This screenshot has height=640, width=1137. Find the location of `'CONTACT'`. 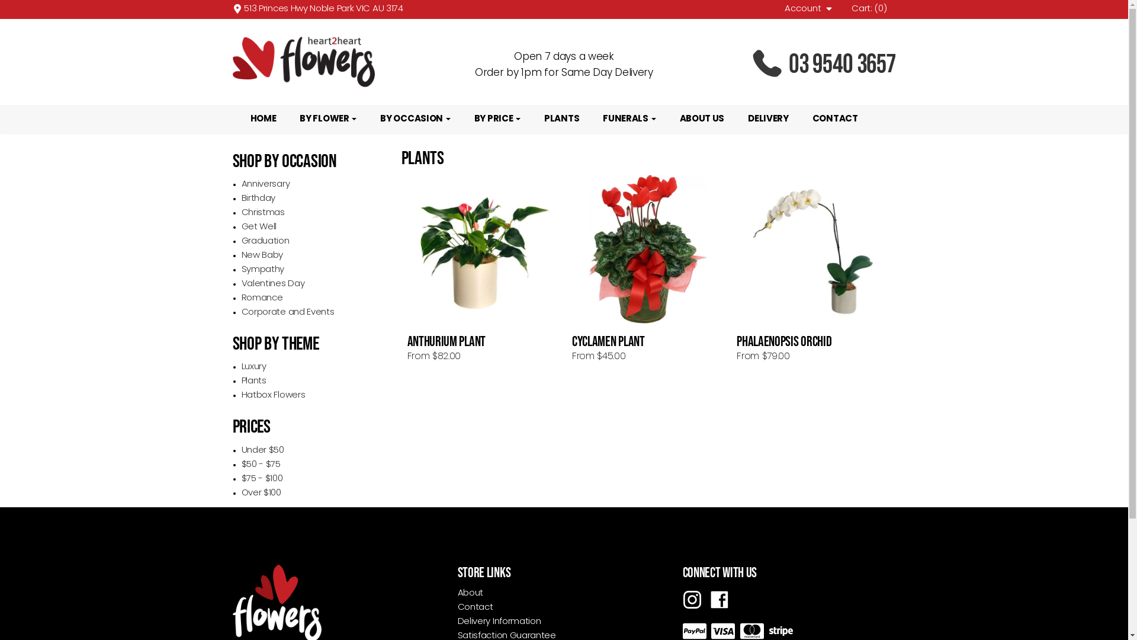

'CONTACT' is located at coordinates (834, 119).